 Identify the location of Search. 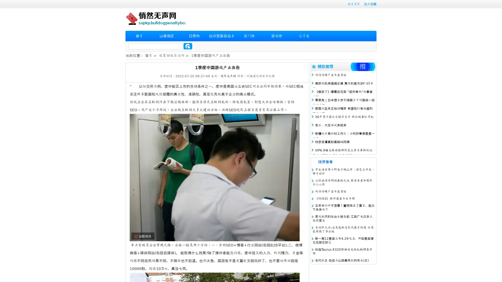
(188, 46).